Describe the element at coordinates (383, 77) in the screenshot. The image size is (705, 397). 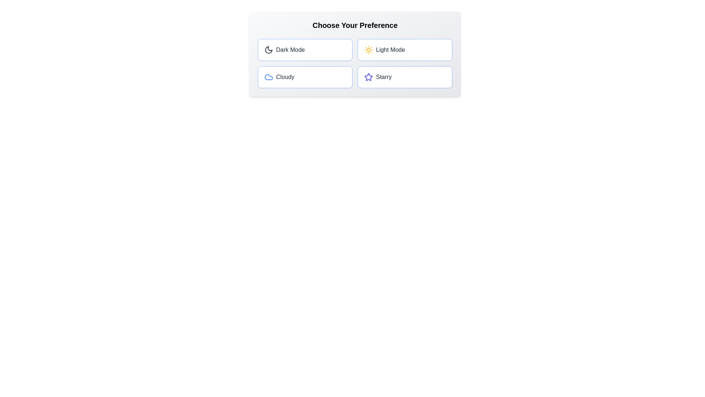
I see `the 'Starry' text label, which is located to the right of the star icon in the bottom-right segment of the options grid` at that location.